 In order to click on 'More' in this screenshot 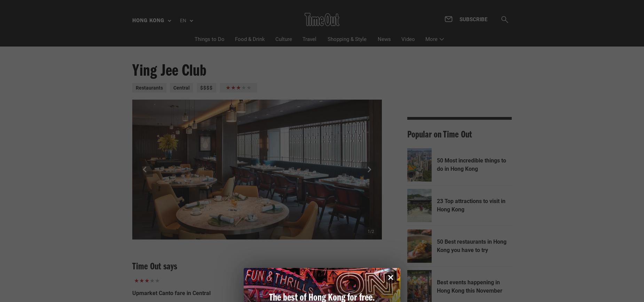, I will do `click(431, 38)`.